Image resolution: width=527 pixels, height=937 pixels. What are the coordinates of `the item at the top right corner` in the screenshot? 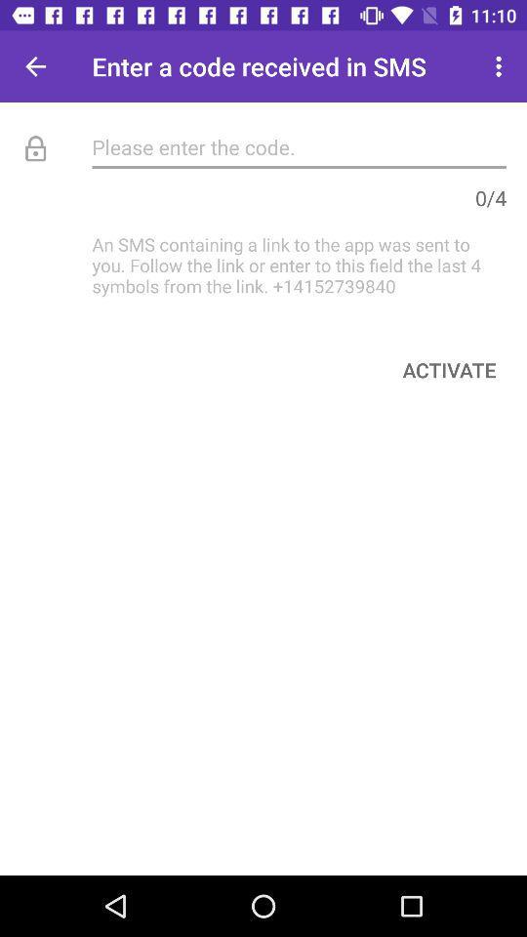 It's located at (501, 66).